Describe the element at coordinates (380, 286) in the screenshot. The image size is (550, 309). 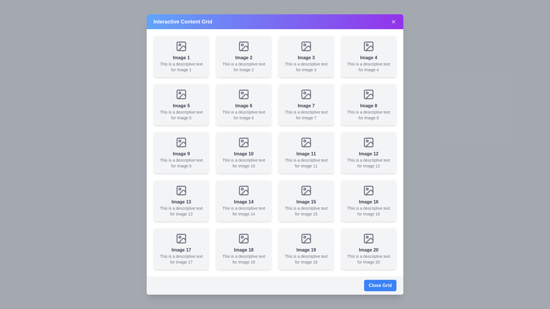
I see `the 'Close Grid' button to close the dialog` at that location.